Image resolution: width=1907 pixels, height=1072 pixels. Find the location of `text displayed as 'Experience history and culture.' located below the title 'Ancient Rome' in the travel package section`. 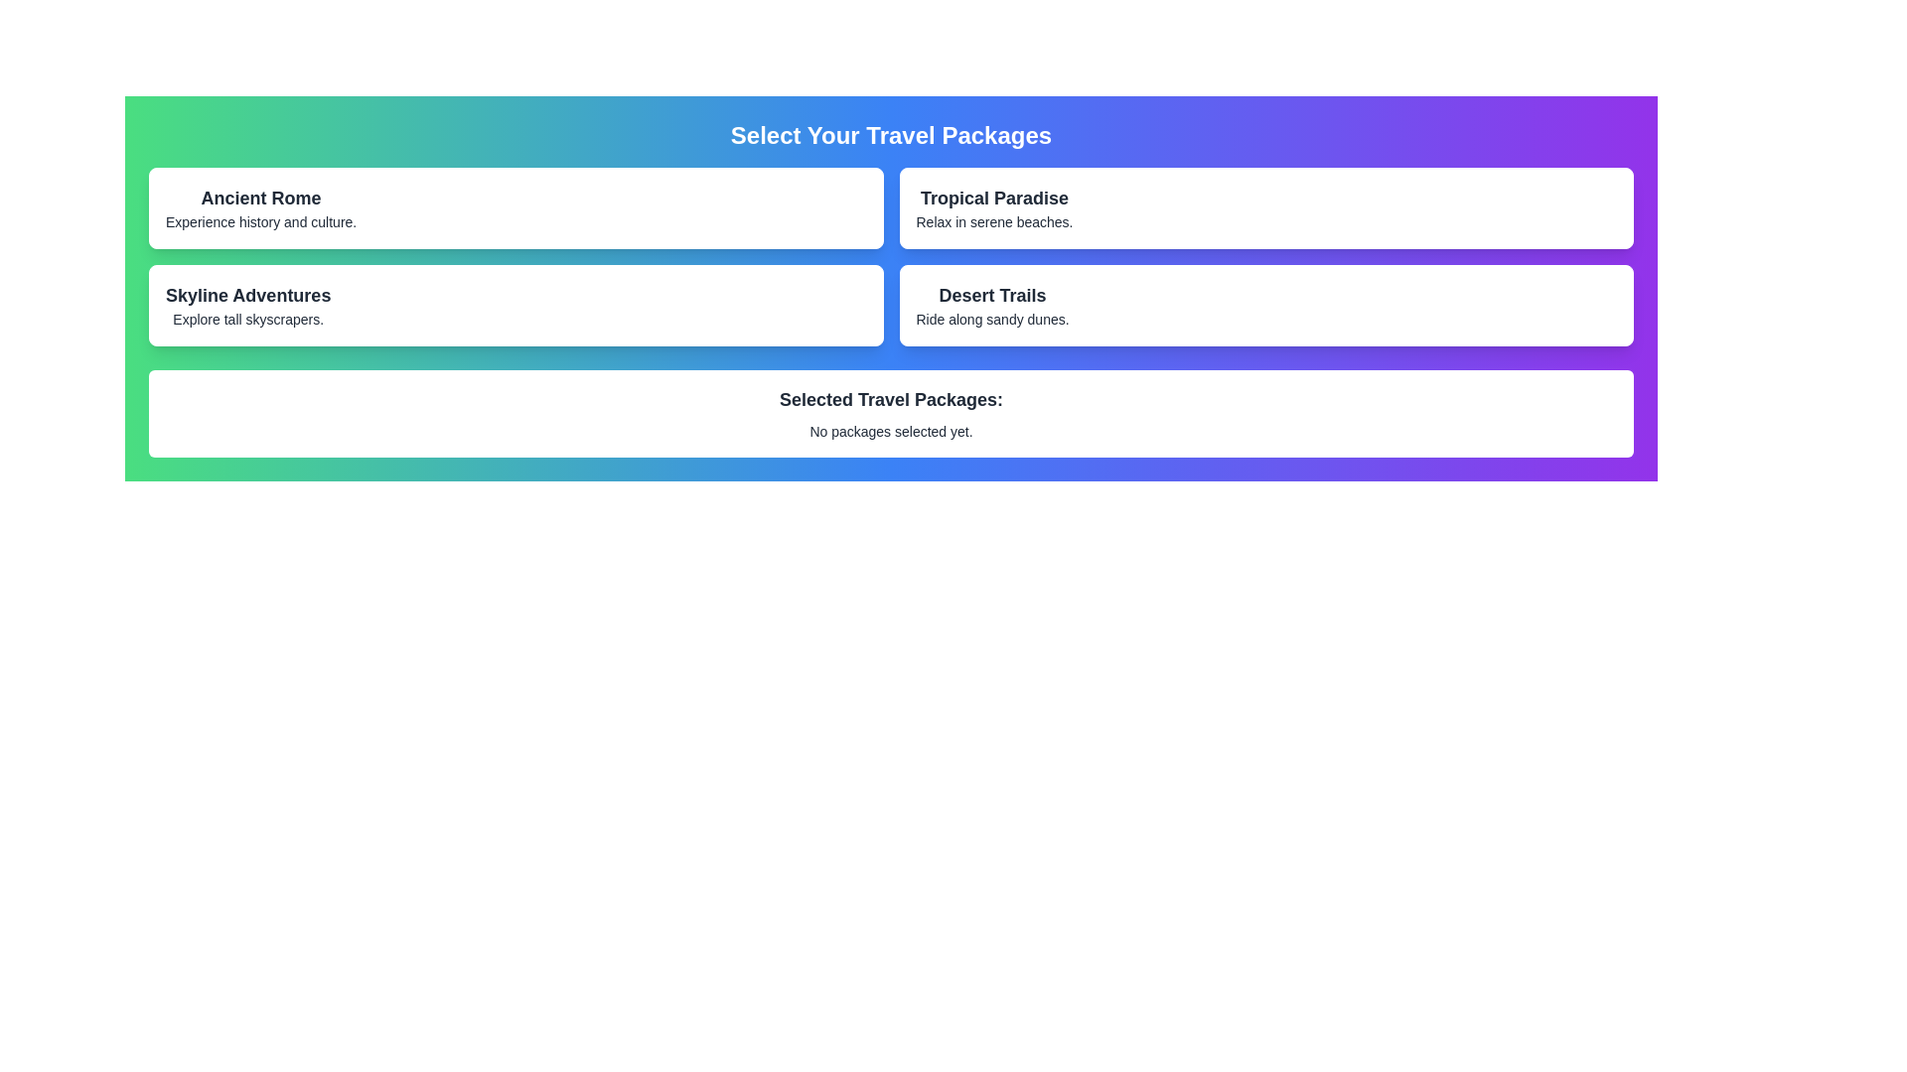

text displayed as 'Experience history and culture.' located below the title 'Ancient Rome' in the travel package section is located at coordinates (260, 221).